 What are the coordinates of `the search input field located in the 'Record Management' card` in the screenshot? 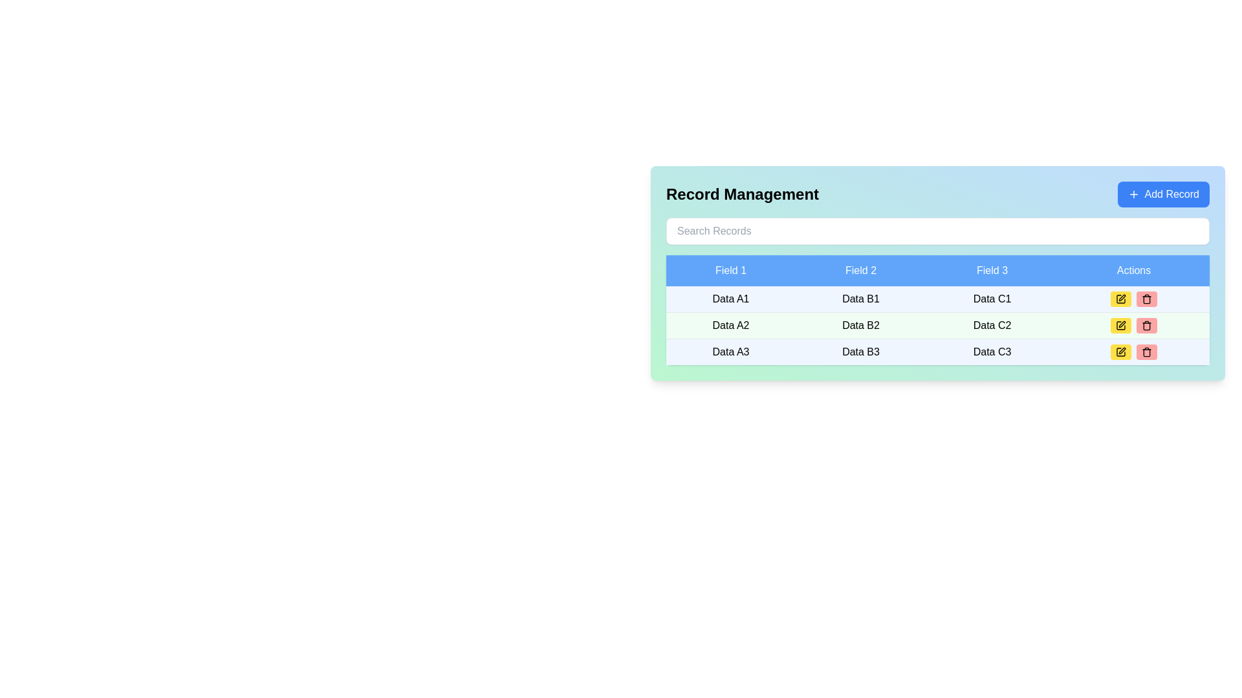 It's located at (937, 231).